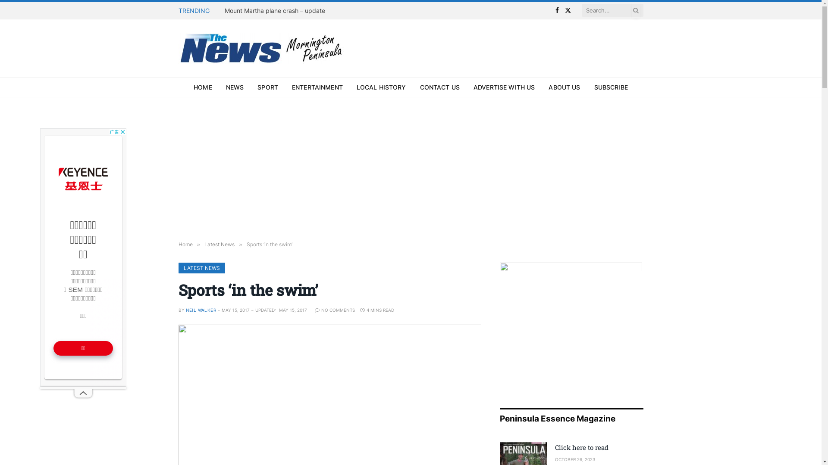  I want to click on 'ADVERTISE WITH US', so click(504, 87).